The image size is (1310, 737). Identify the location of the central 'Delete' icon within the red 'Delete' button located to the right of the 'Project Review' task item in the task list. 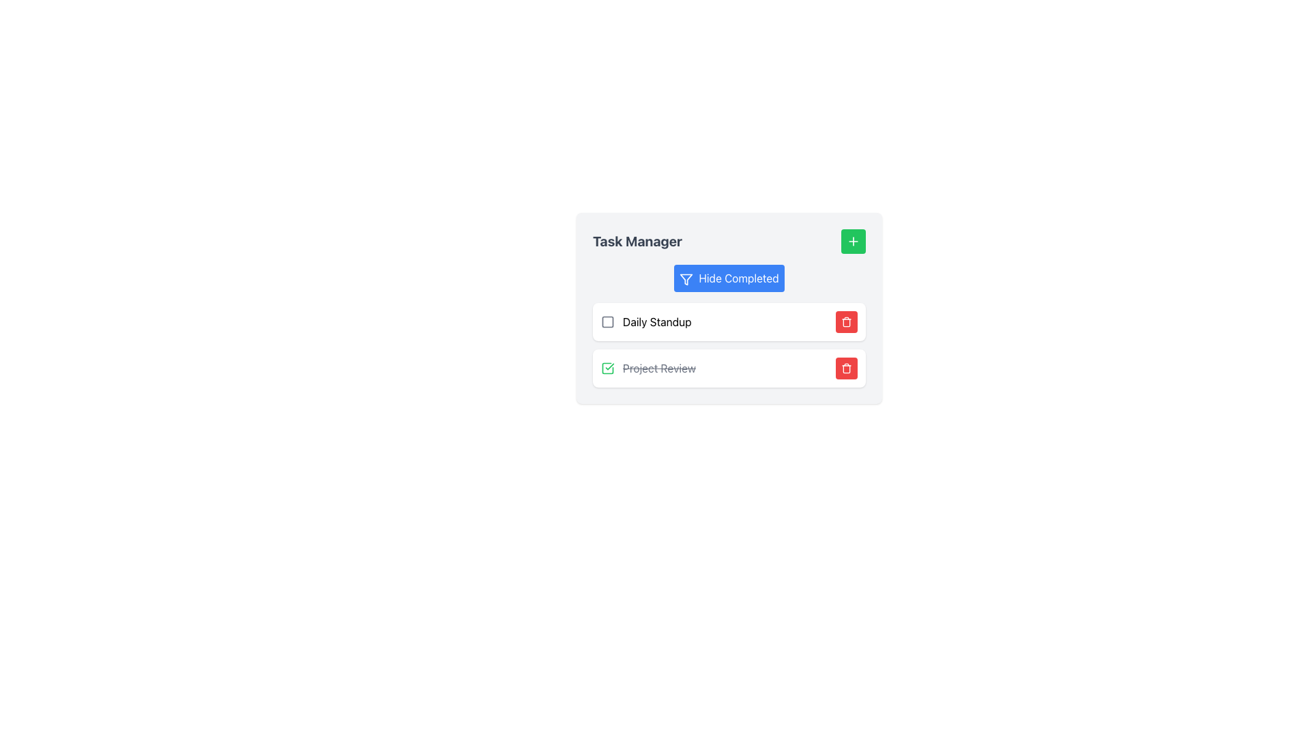
(846, 369).